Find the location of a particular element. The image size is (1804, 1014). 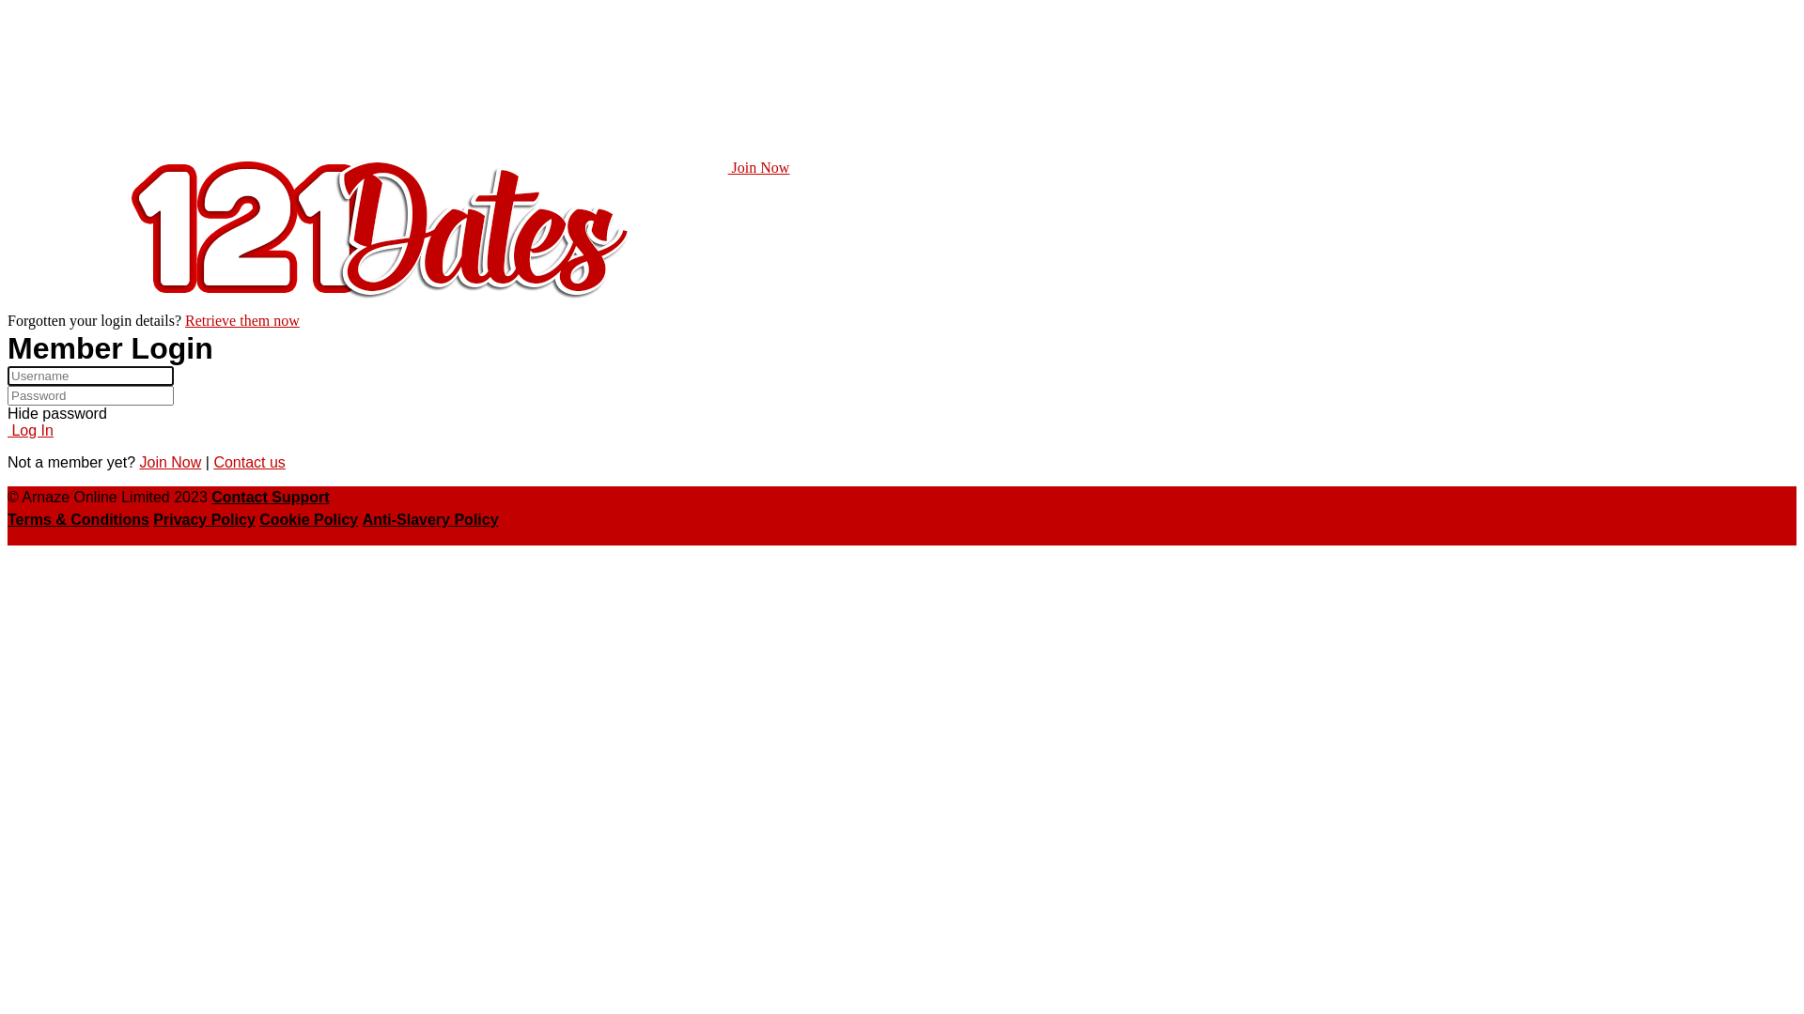

'Contact Support' is located at coordinates (269, 496).